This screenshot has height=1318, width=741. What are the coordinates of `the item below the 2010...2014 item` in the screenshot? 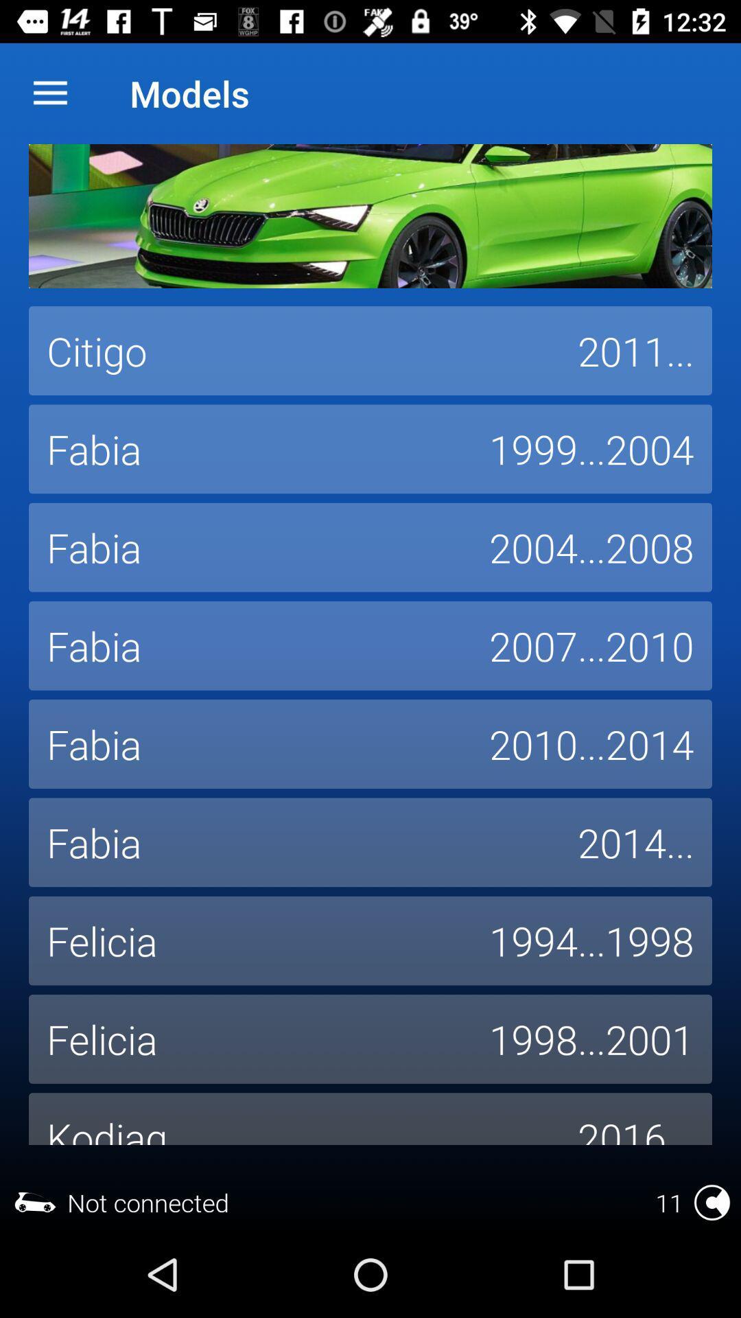 It's located at (635, 842).